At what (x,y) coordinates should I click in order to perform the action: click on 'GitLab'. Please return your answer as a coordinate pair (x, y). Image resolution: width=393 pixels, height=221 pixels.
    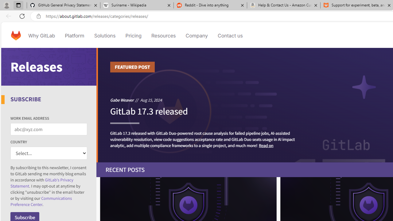
    Looking at the image, I should click on (41, 183).